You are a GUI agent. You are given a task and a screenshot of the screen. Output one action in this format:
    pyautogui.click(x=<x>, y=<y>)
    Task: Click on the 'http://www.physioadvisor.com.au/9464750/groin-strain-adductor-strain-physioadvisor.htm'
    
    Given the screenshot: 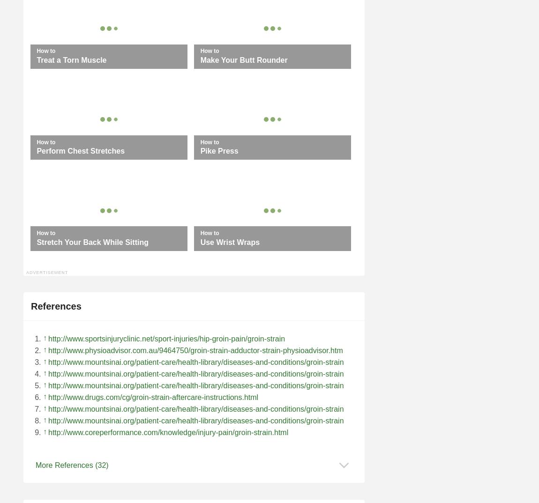 What is the action you would take?
    pyautogui.click(x=195, y=350)
    